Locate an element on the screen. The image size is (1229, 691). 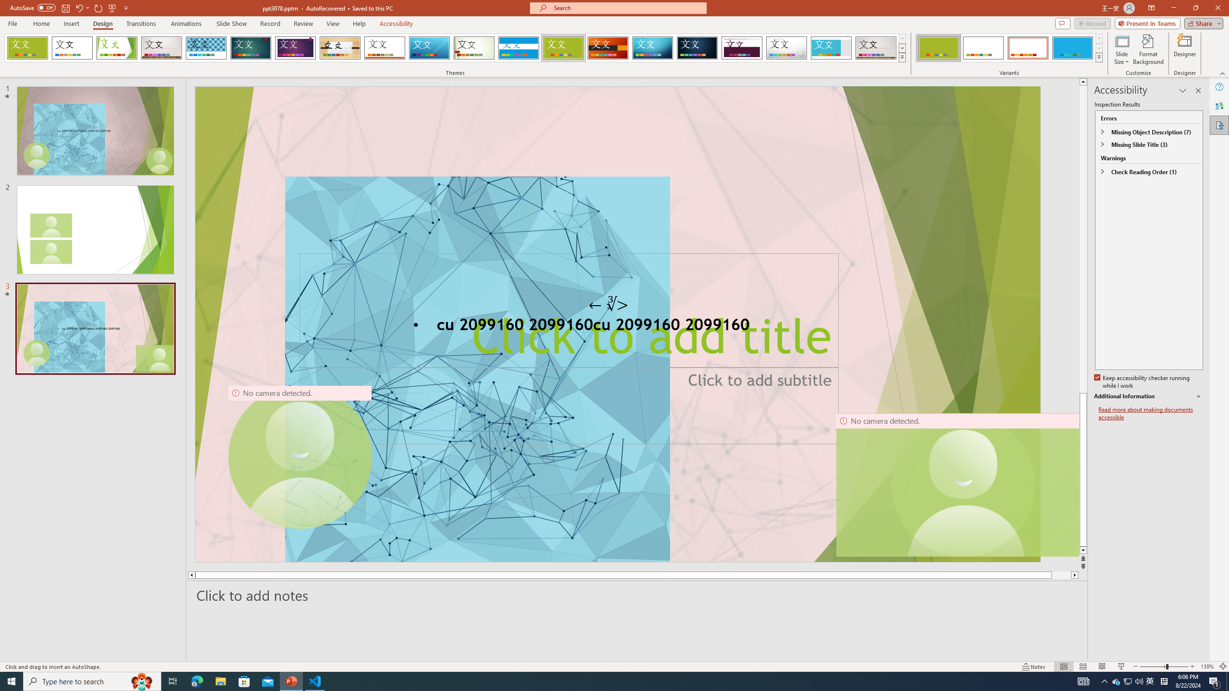
'Slice' is located at coordinates (429, 48).